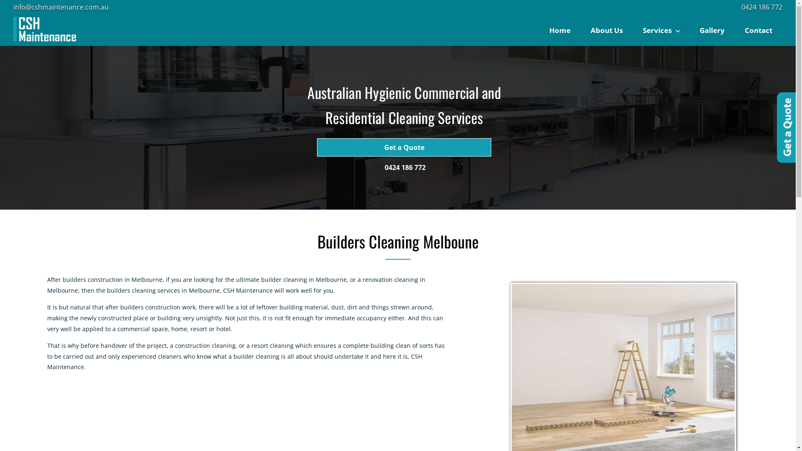 The height and width of the screenshot is (451, 802). Describe the element at coordinates (560, 30) in the screenshot. I see `'Home'` at that location.